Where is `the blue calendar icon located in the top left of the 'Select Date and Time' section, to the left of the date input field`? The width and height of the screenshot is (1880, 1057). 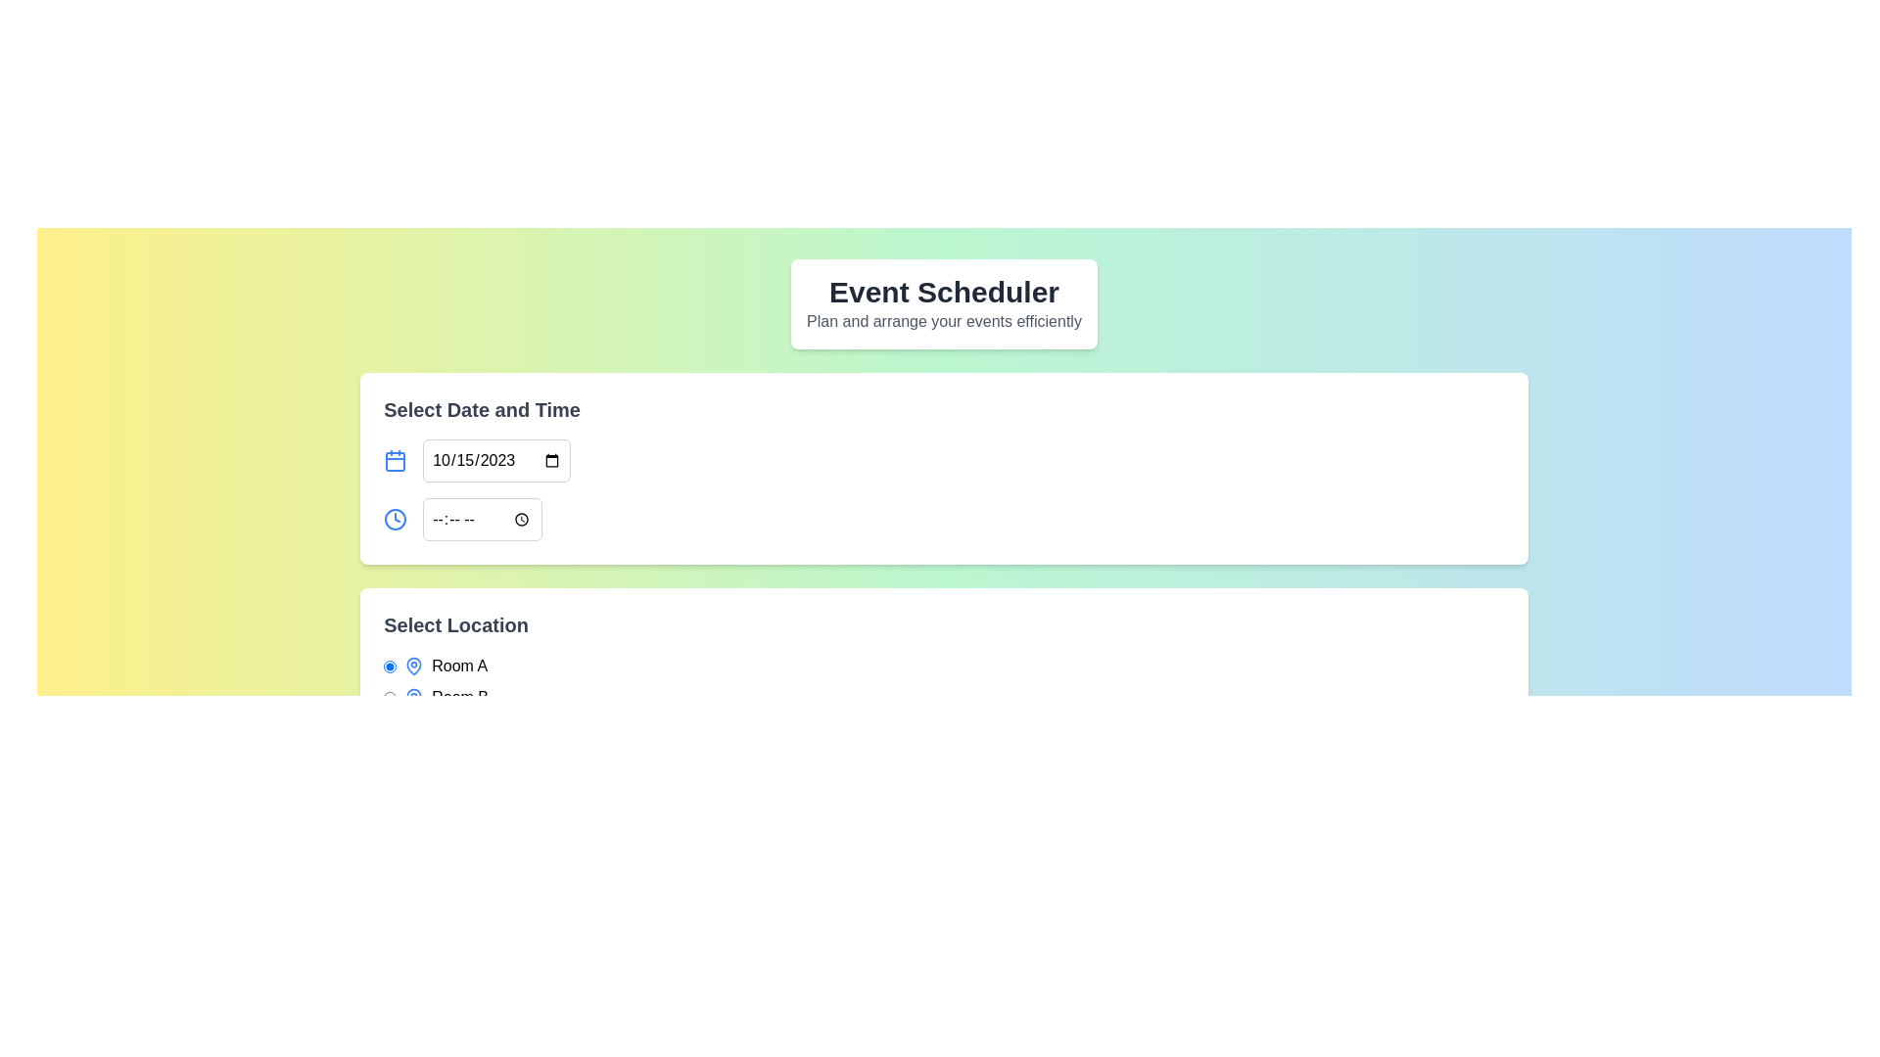 the blue calendar icon located in the top left of the 'Select Date and Time' section, to the left of the date input field is located at coordinates (395, 460).